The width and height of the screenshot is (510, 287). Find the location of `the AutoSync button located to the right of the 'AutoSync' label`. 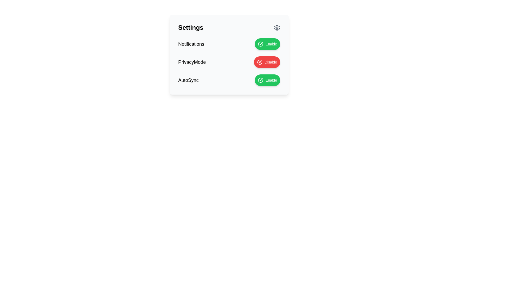

the AutoSync button located to the right of the 'AutoSync' label is located at coordinates (267, 80).